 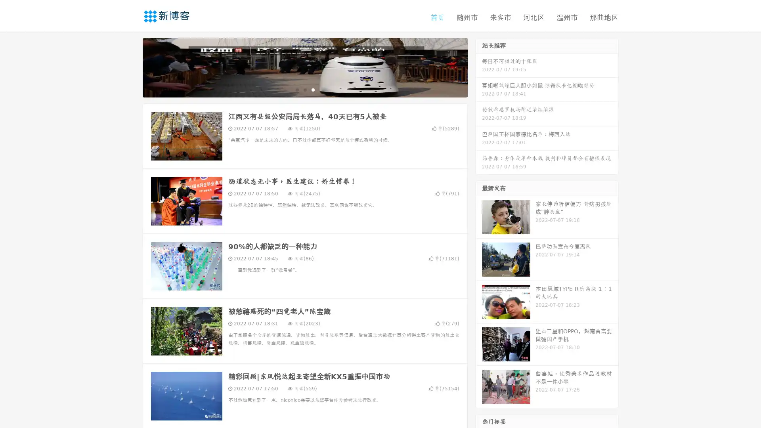 I want to click on Go to slide 3, so click(x=313, y=89).